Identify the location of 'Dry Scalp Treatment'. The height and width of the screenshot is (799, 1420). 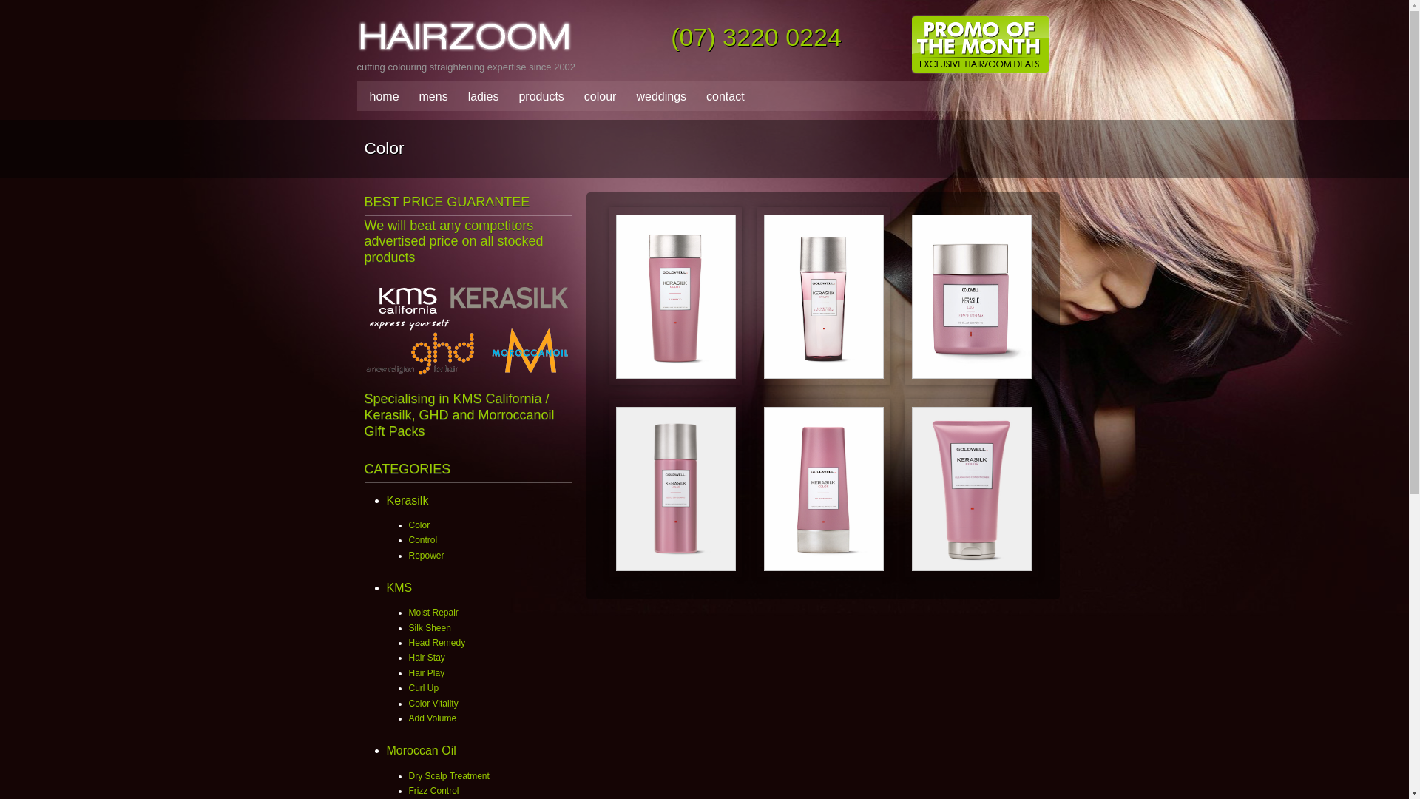
(447, 775).